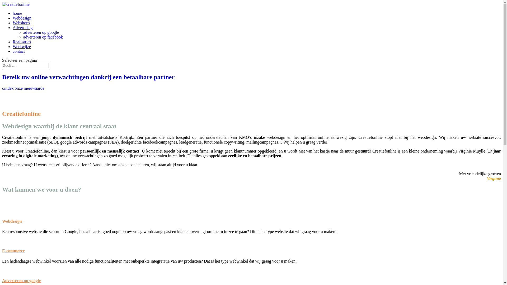 This screenshot has height=285, width=507. I want to click on 'ontdek onze meerwaarde', so click(23, 88).